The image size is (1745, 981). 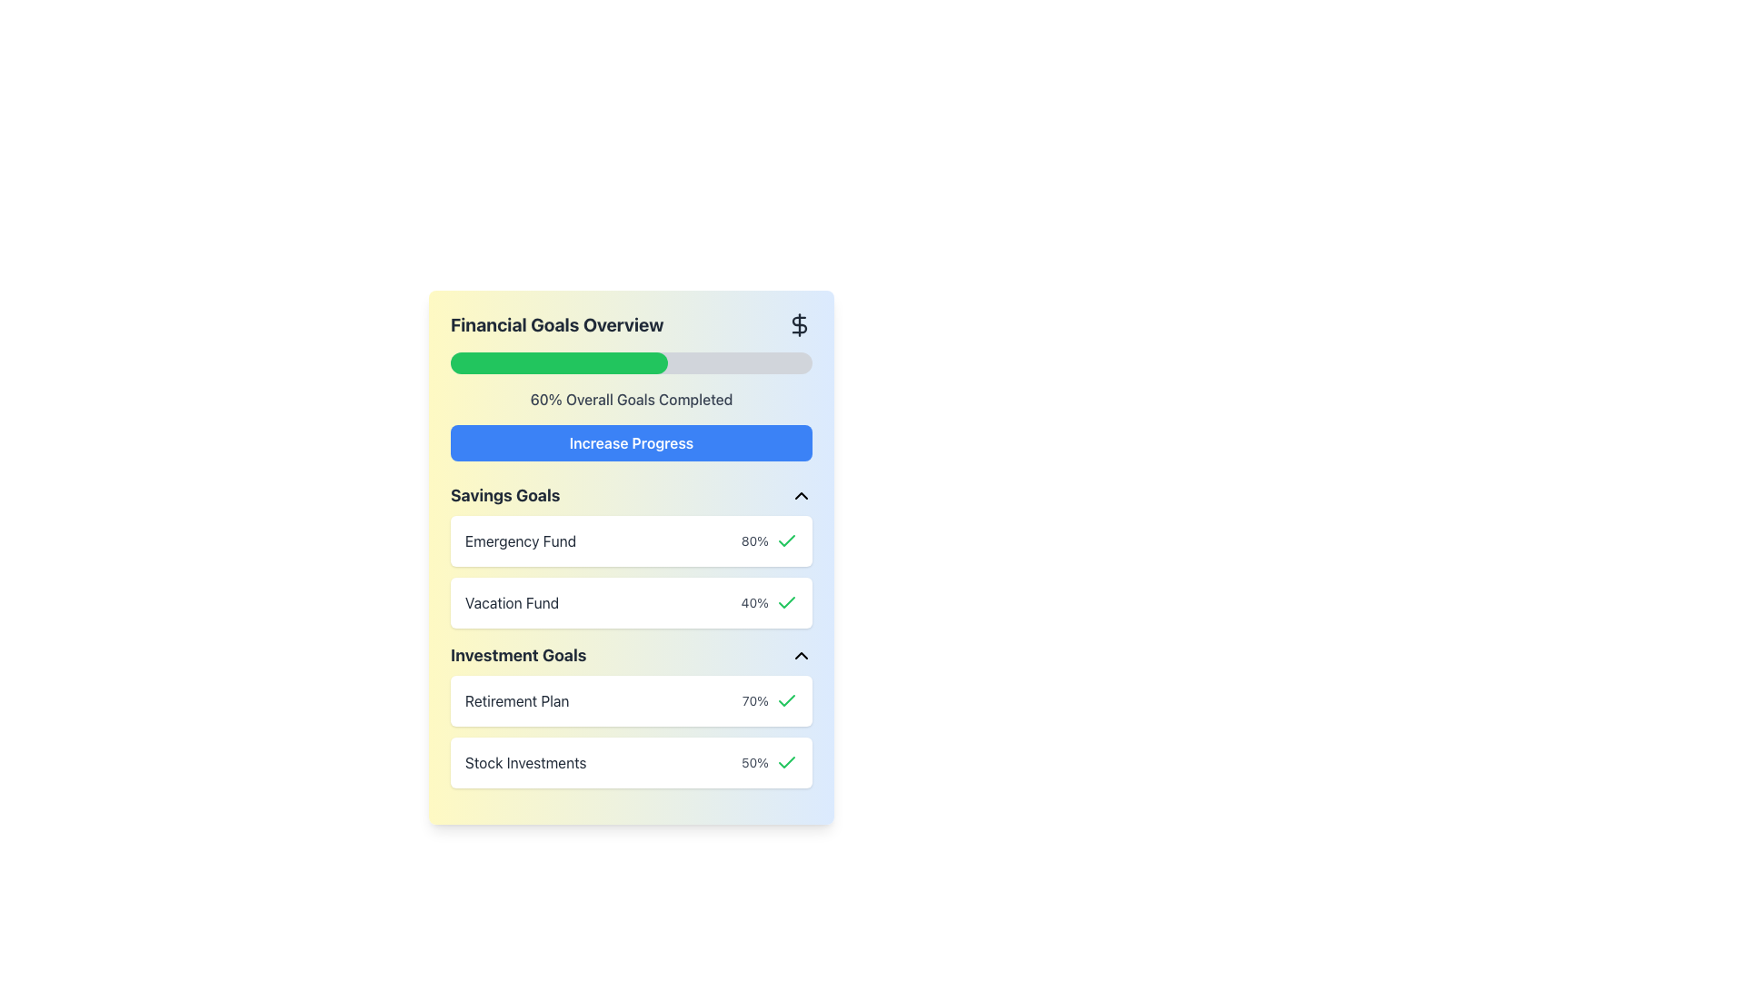 What do you see at coordinates (632, 443) in the screenshot?
I see `the button in the 'Financial Goals Overview' section` at bounding box center [632, 443].